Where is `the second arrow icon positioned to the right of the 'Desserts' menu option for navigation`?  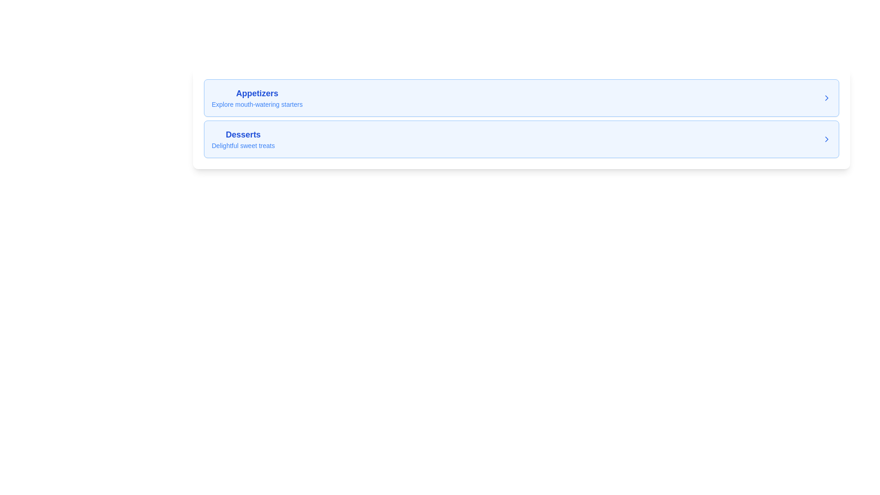 the second arrow icon positioned to the right of the 'Desserts' menu option for navigation is located at coordinates (827, 139).